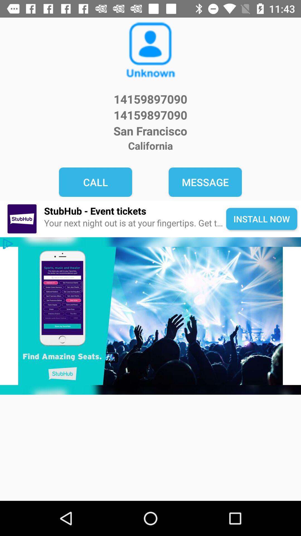 The image size is (301, 536). What do you see at coordinates (205, 182) in the screenshot?
I see `the icon below the california icon` at bounding box center [205, 182].